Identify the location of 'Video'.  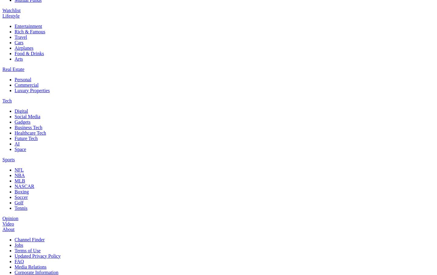
(2, 223).